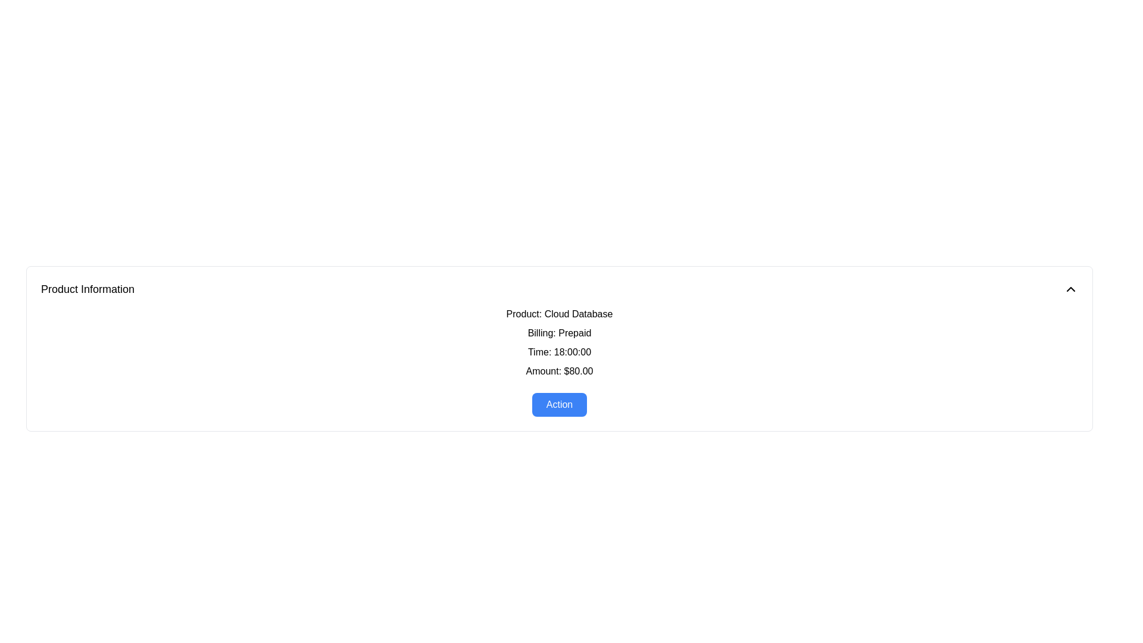 The image size is (1143, 643). What do you see at coordinates (539, 351) in the screenshot?
I see `the label that describes the time information, which is the first element in the 'Product Information' section, located near the center of the interface` at bounding box center [539, 351].